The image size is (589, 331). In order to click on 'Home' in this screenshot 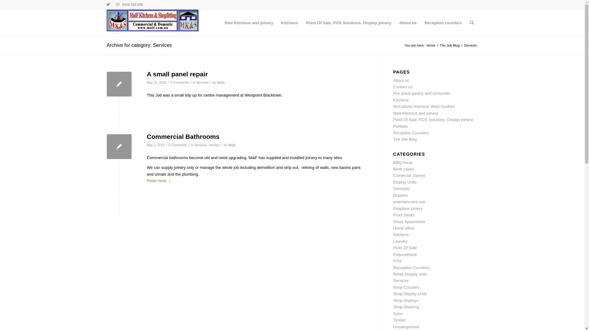, I will do `click(430, 45)`.